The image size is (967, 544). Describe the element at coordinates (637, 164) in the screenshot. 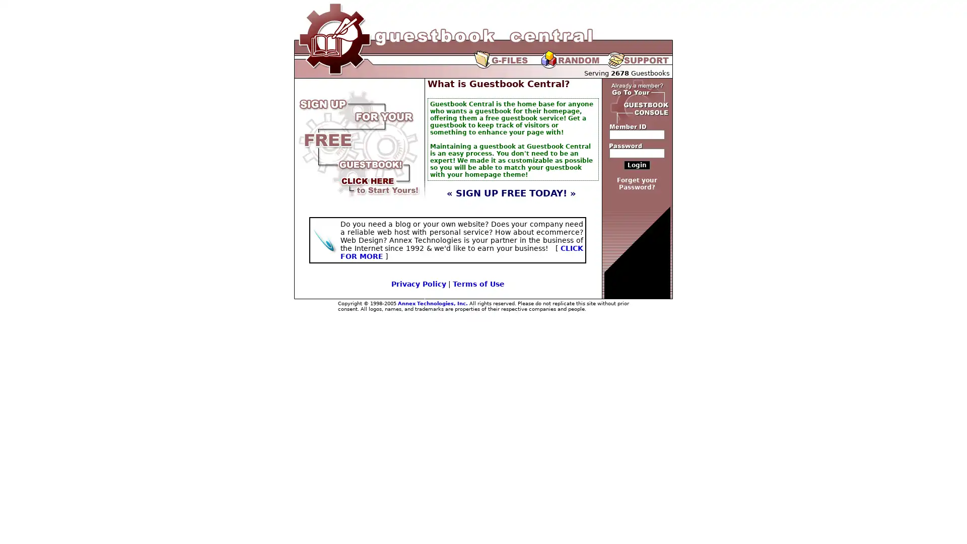

I see `Login` at that location.